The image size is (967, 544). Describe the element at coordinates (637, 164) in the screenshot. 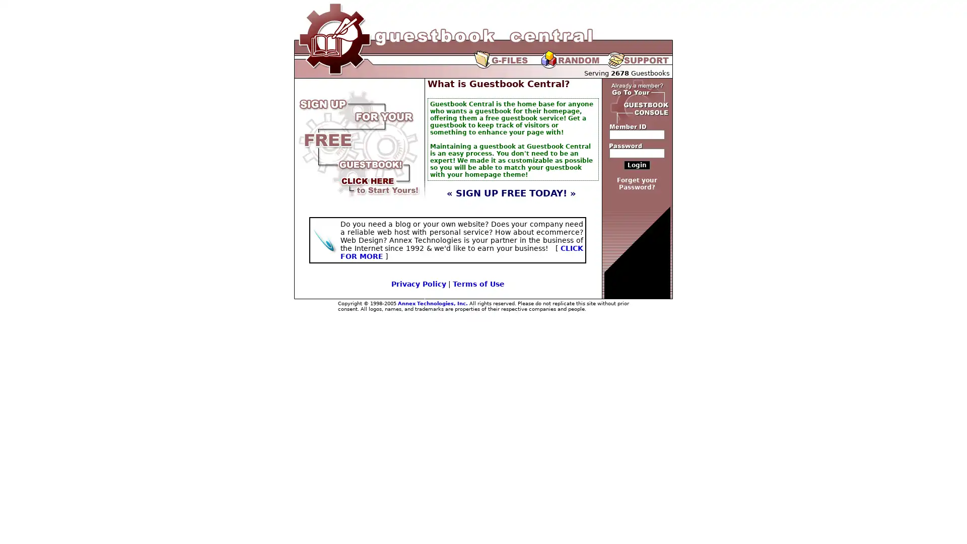

I see `Login` at that location.